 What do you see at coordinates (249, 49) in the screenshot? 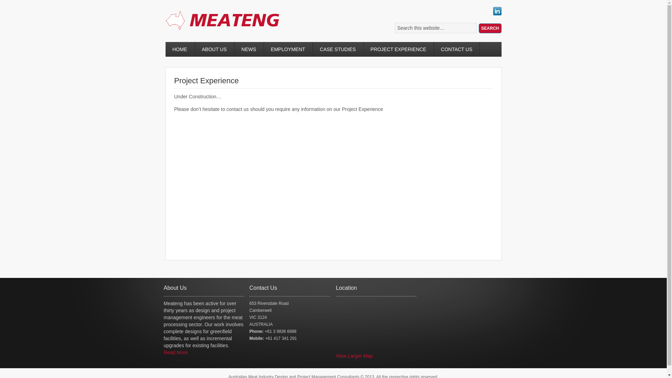
I see `'NEWS'` at bounding box center [249, 49].